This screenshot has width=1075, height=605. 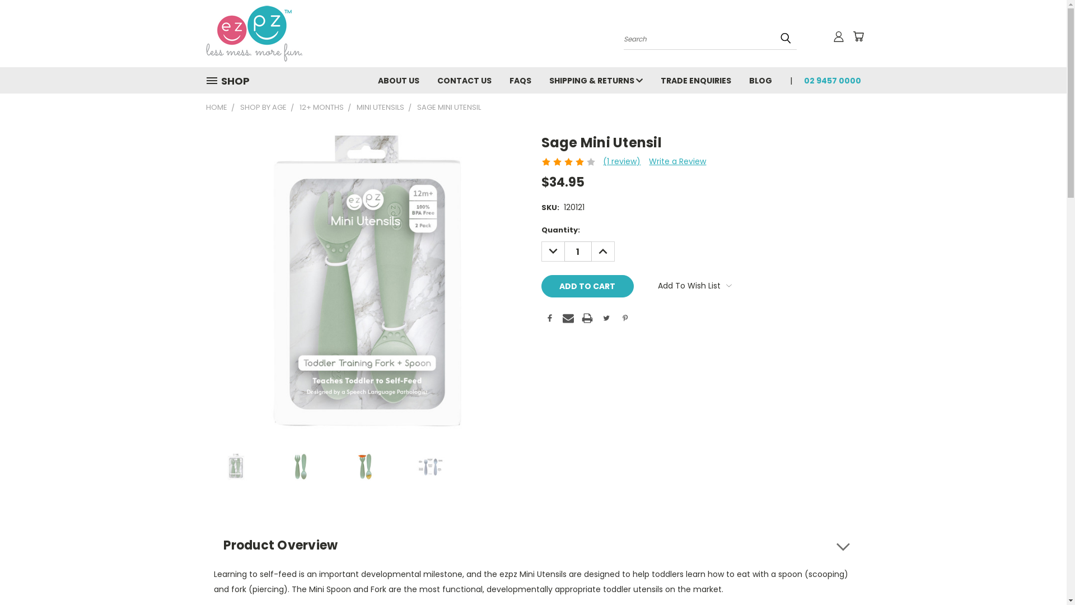 I want to click on 'SHIPPING & RETURNS', so click(x=595, y=79).